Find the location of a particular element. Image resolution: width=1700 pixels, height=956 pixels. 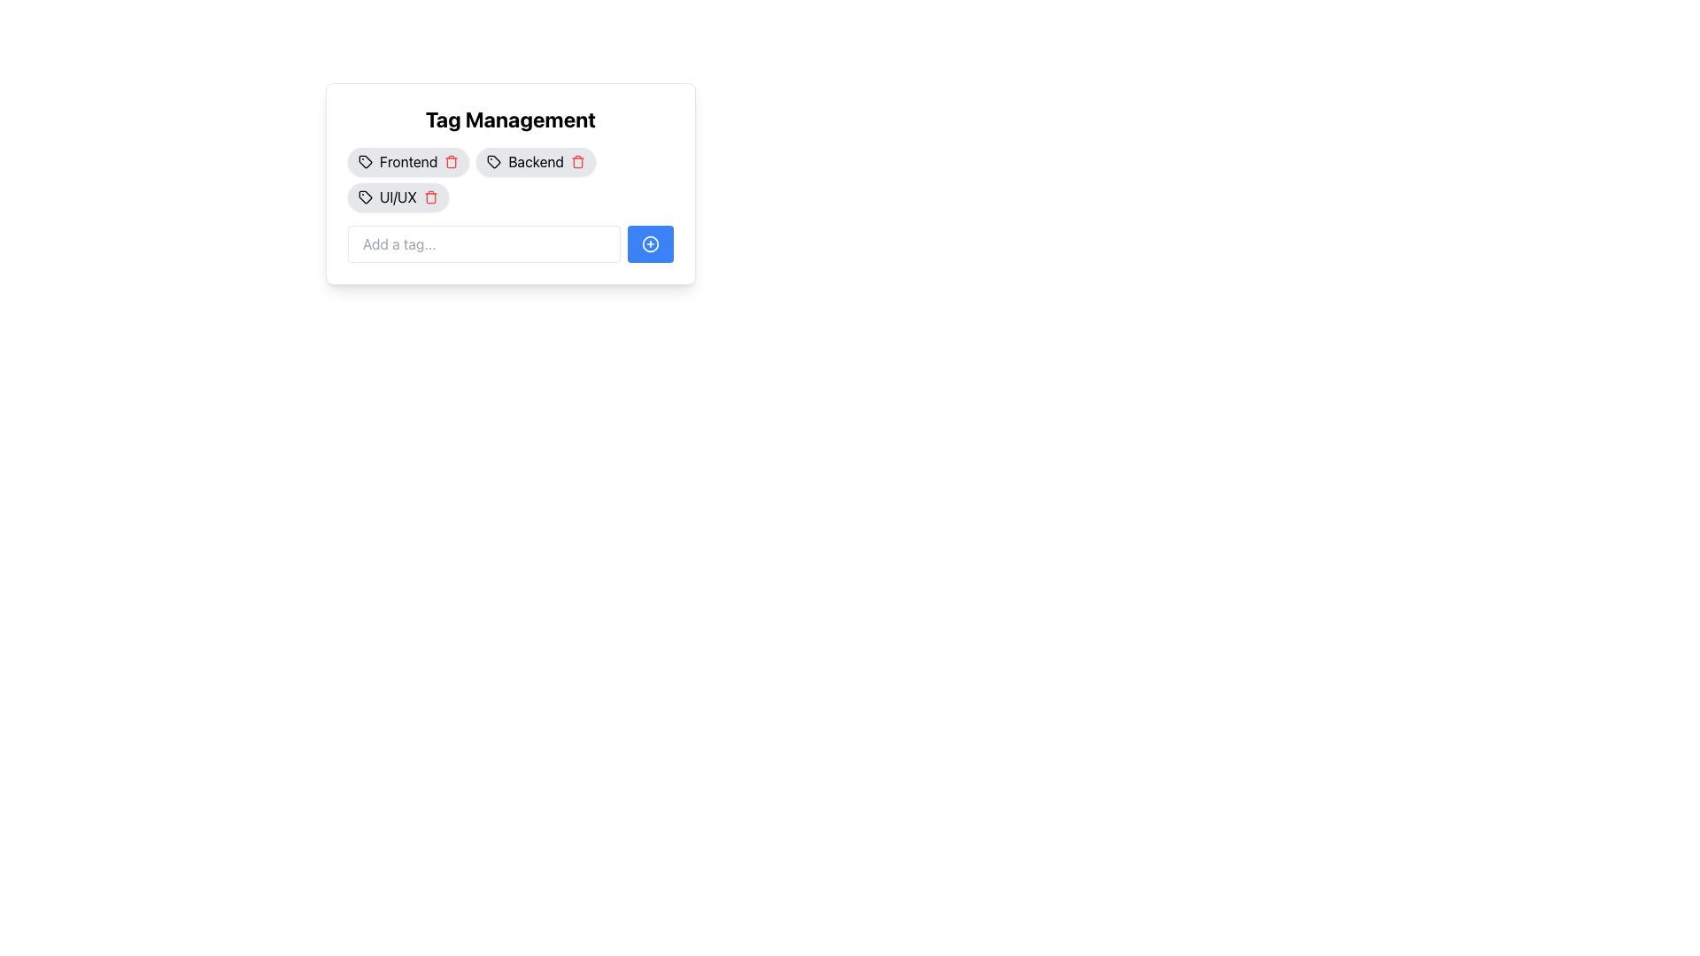

the text label for the tag named 'Backend' in the tag management interface is located at coordinates (535, 161).